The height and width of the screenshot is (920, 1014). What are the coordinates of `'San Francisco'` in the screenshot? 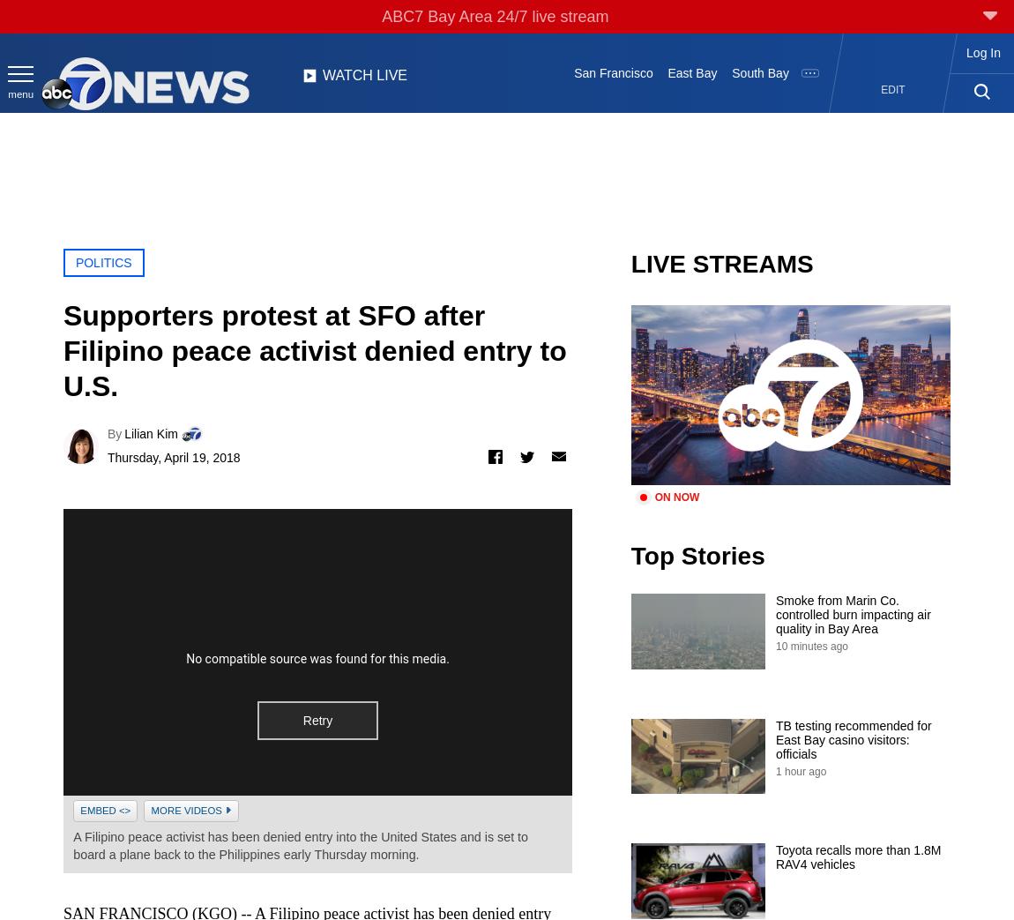 It's located at (612, 73).